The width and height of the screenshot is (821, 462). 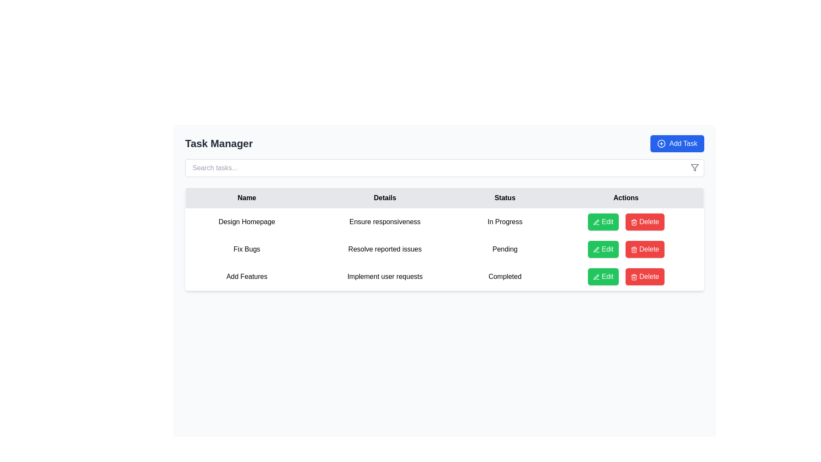 I want to click on the 'Name' text element, which is the first column heading in a row under the 'Task Manager' title, visually represented with black text on a light gray background, so click(x=246, y=198).